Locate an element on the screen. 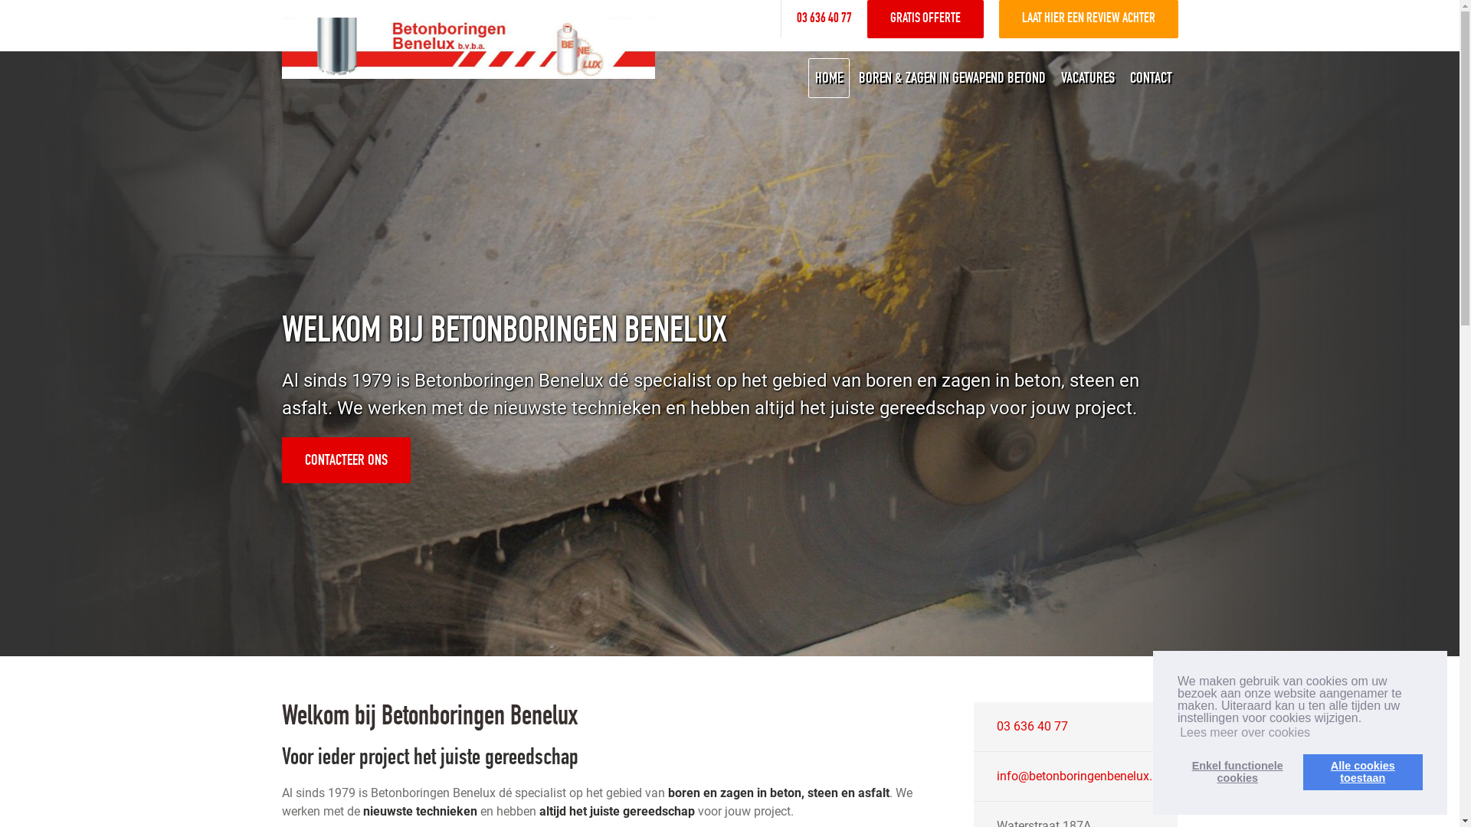 The height and width of the screenshot is (827, 1471). 'Alle cookies is located at coordinates (1363, 771).